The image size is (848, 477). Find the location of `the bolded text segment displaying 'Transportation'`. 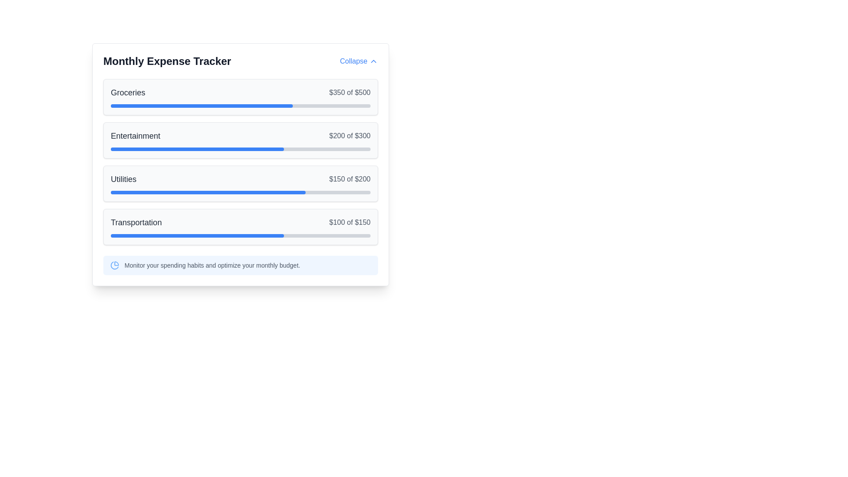

the bolded text segment displaying 'Transportation' is located at coordinates (136, 222).